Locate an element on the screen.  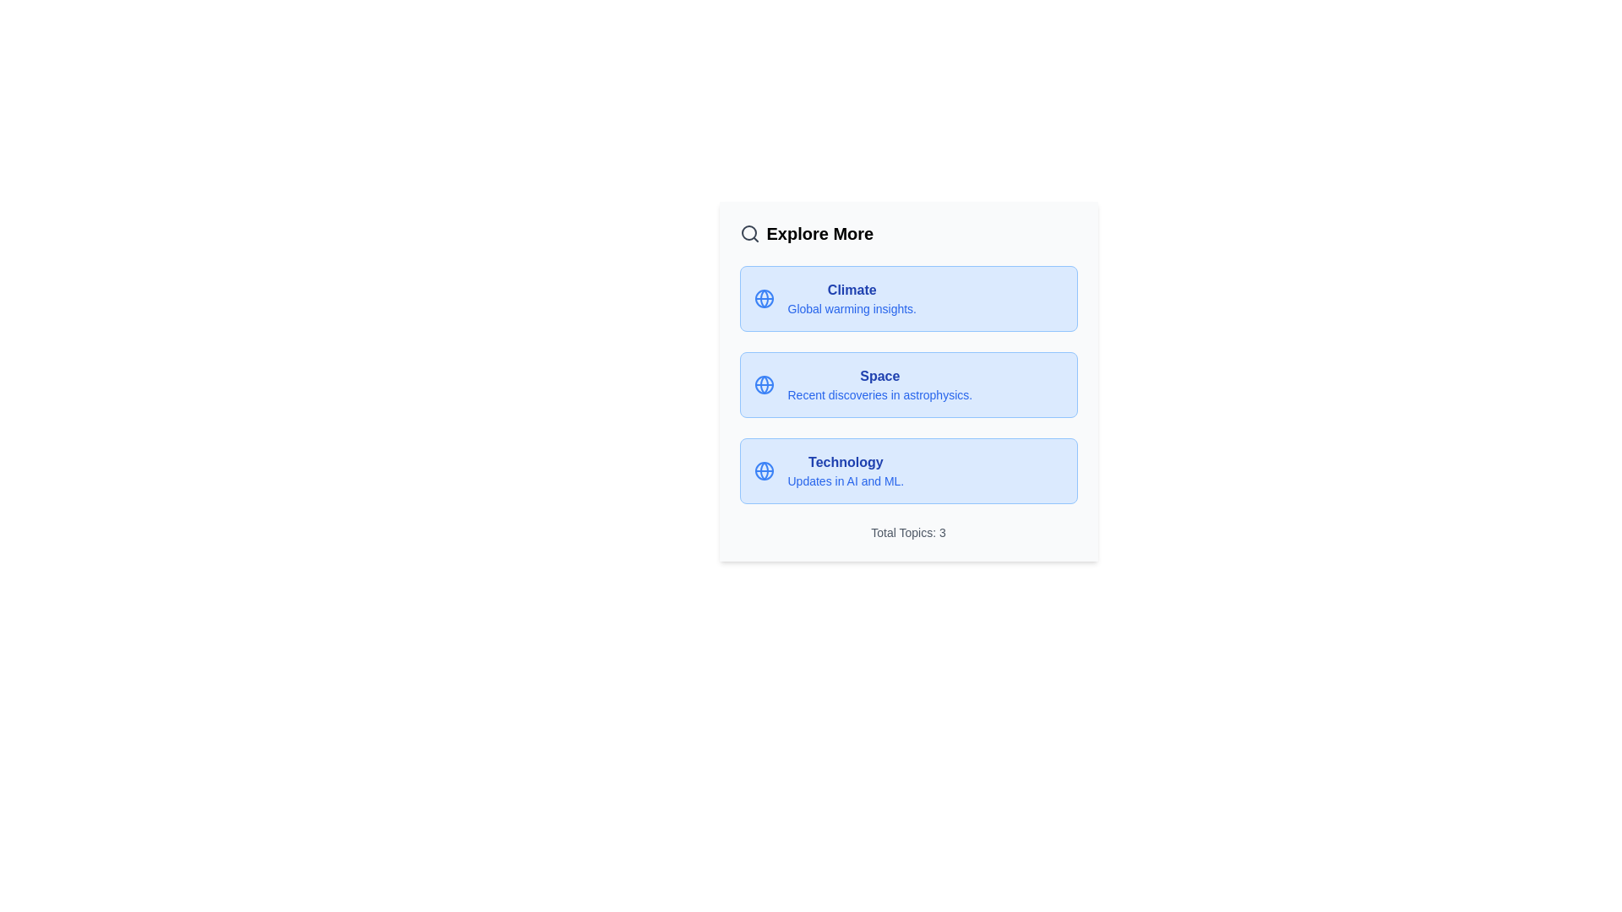
the 'Climate' chip to explore its details is located at coordinates (852, 289).